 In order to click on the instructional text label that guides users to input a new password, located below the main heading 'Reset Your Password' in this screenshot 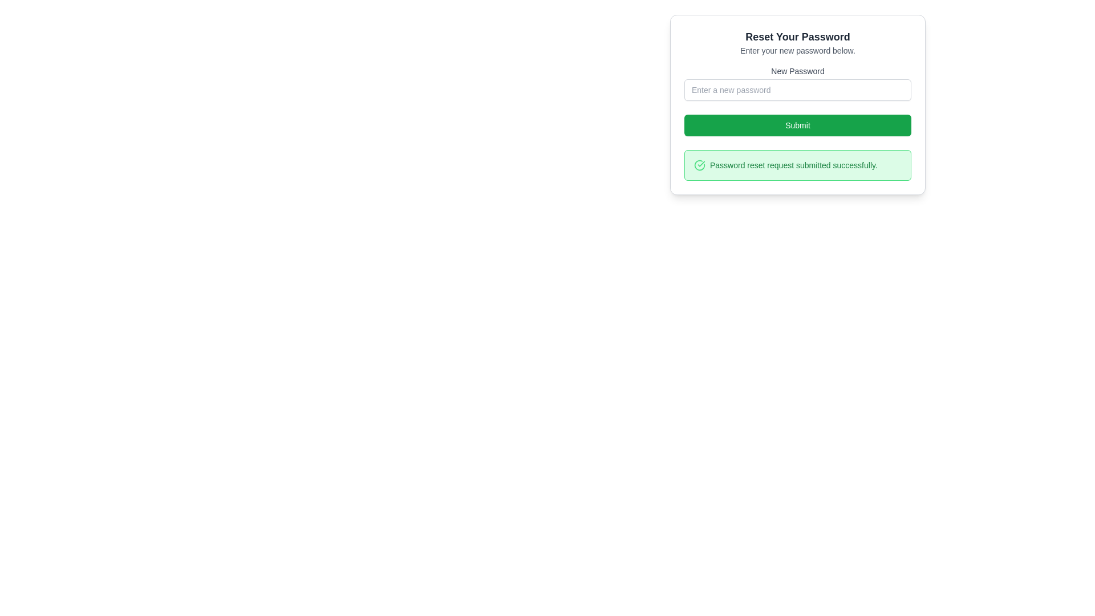, I will do `click(797, 50)`.